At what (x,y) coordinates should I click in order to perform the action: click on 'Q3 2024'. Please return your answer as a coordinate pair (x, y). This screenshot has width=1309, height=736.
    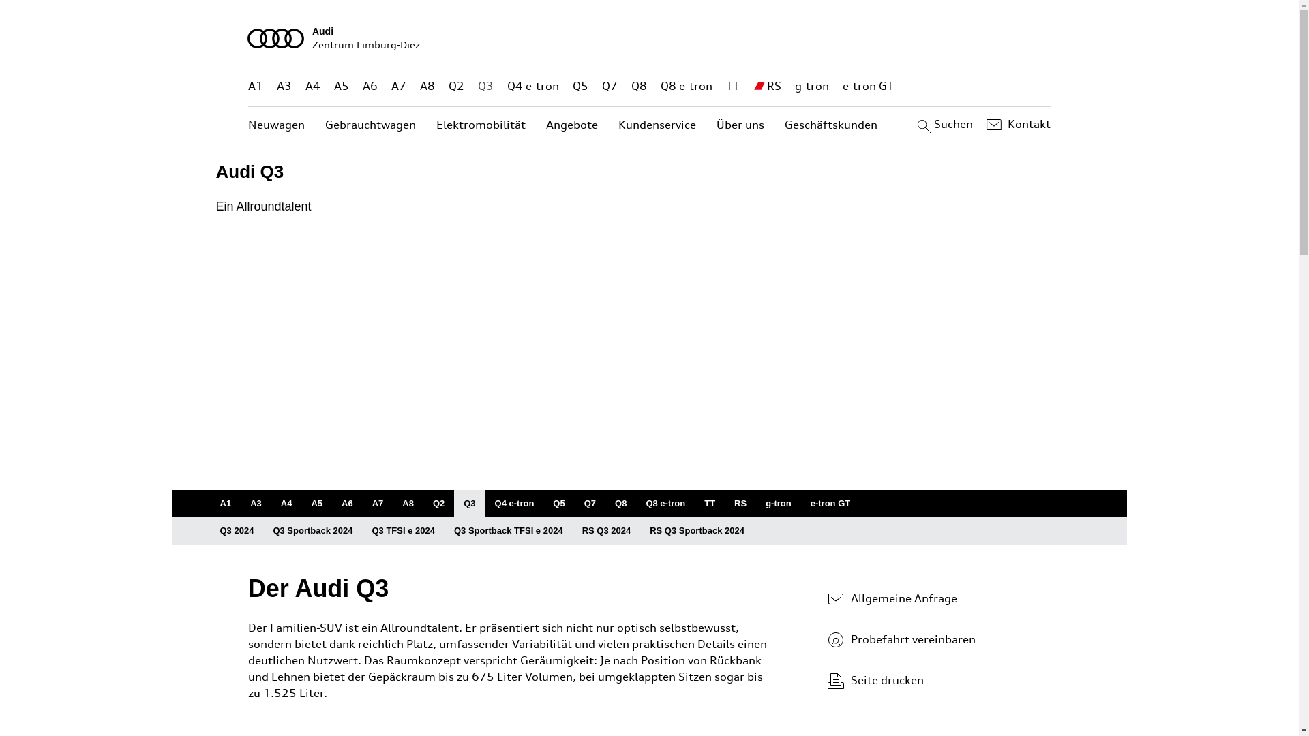
    Looking at the image, I should click on (236, 530).